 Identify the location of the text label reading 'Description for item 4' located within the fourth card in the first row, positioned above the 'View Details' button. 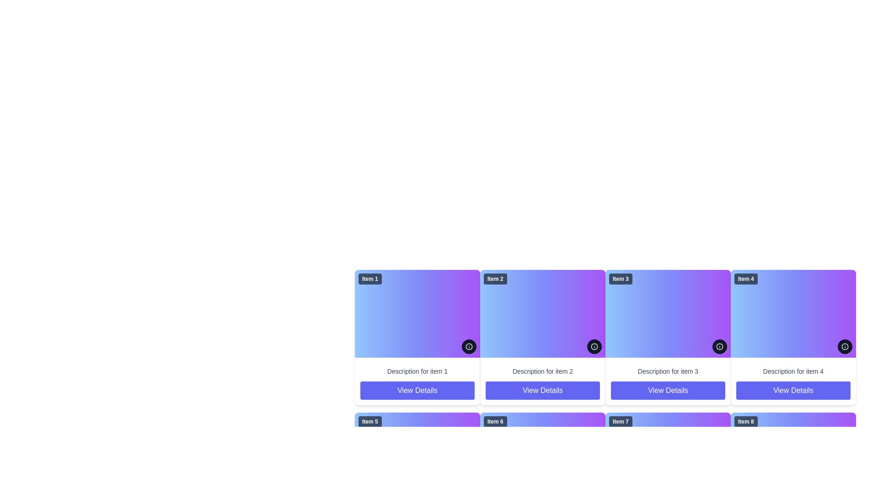
(792, 371).